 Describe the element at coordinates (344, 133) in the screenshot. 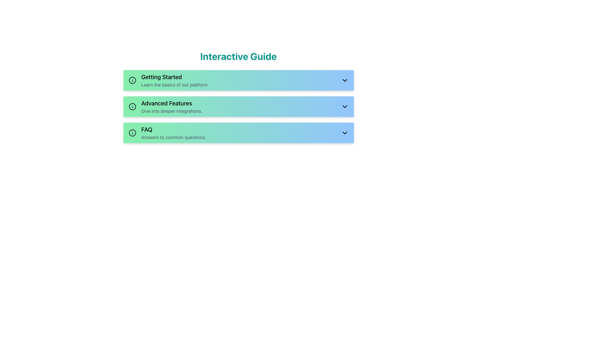

I see `the chevron-down icon located at the right side of the 'FAQ' section` at that location.